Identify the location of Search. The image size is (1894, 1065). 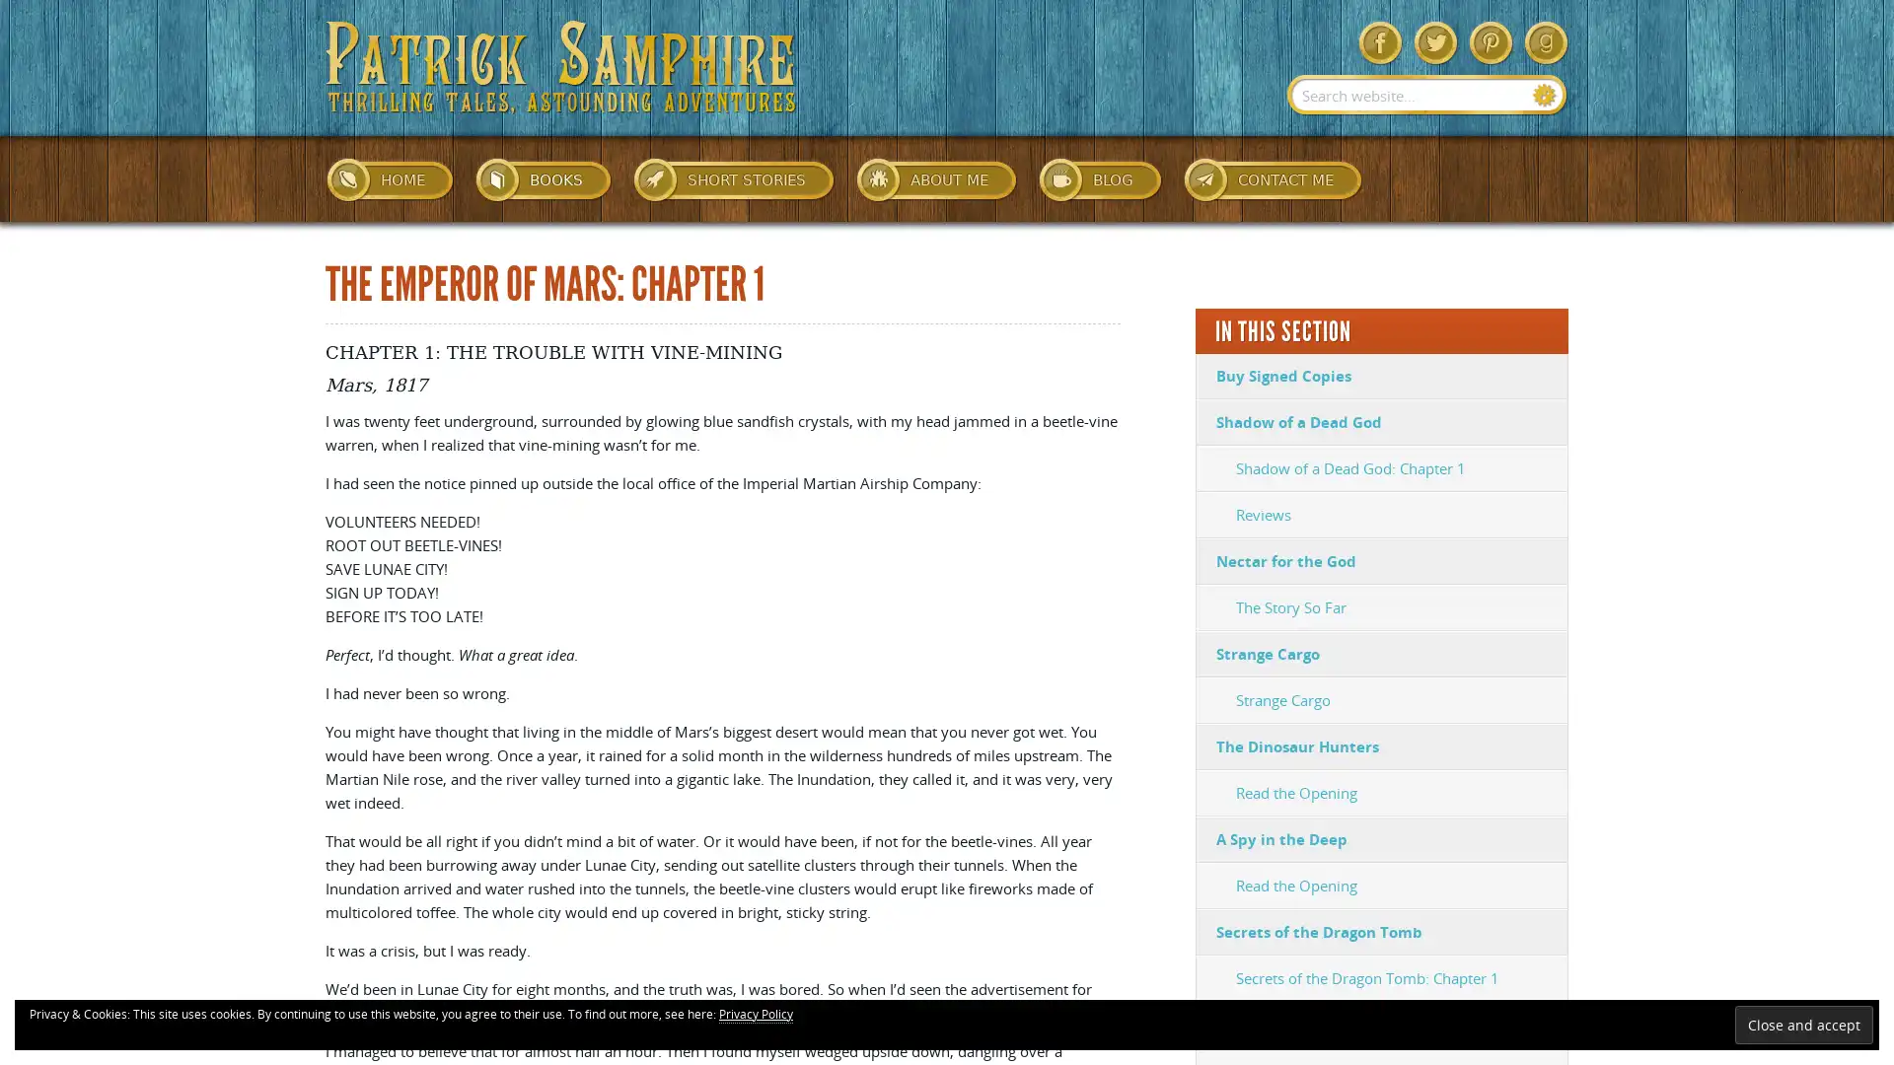
(1544, 95).